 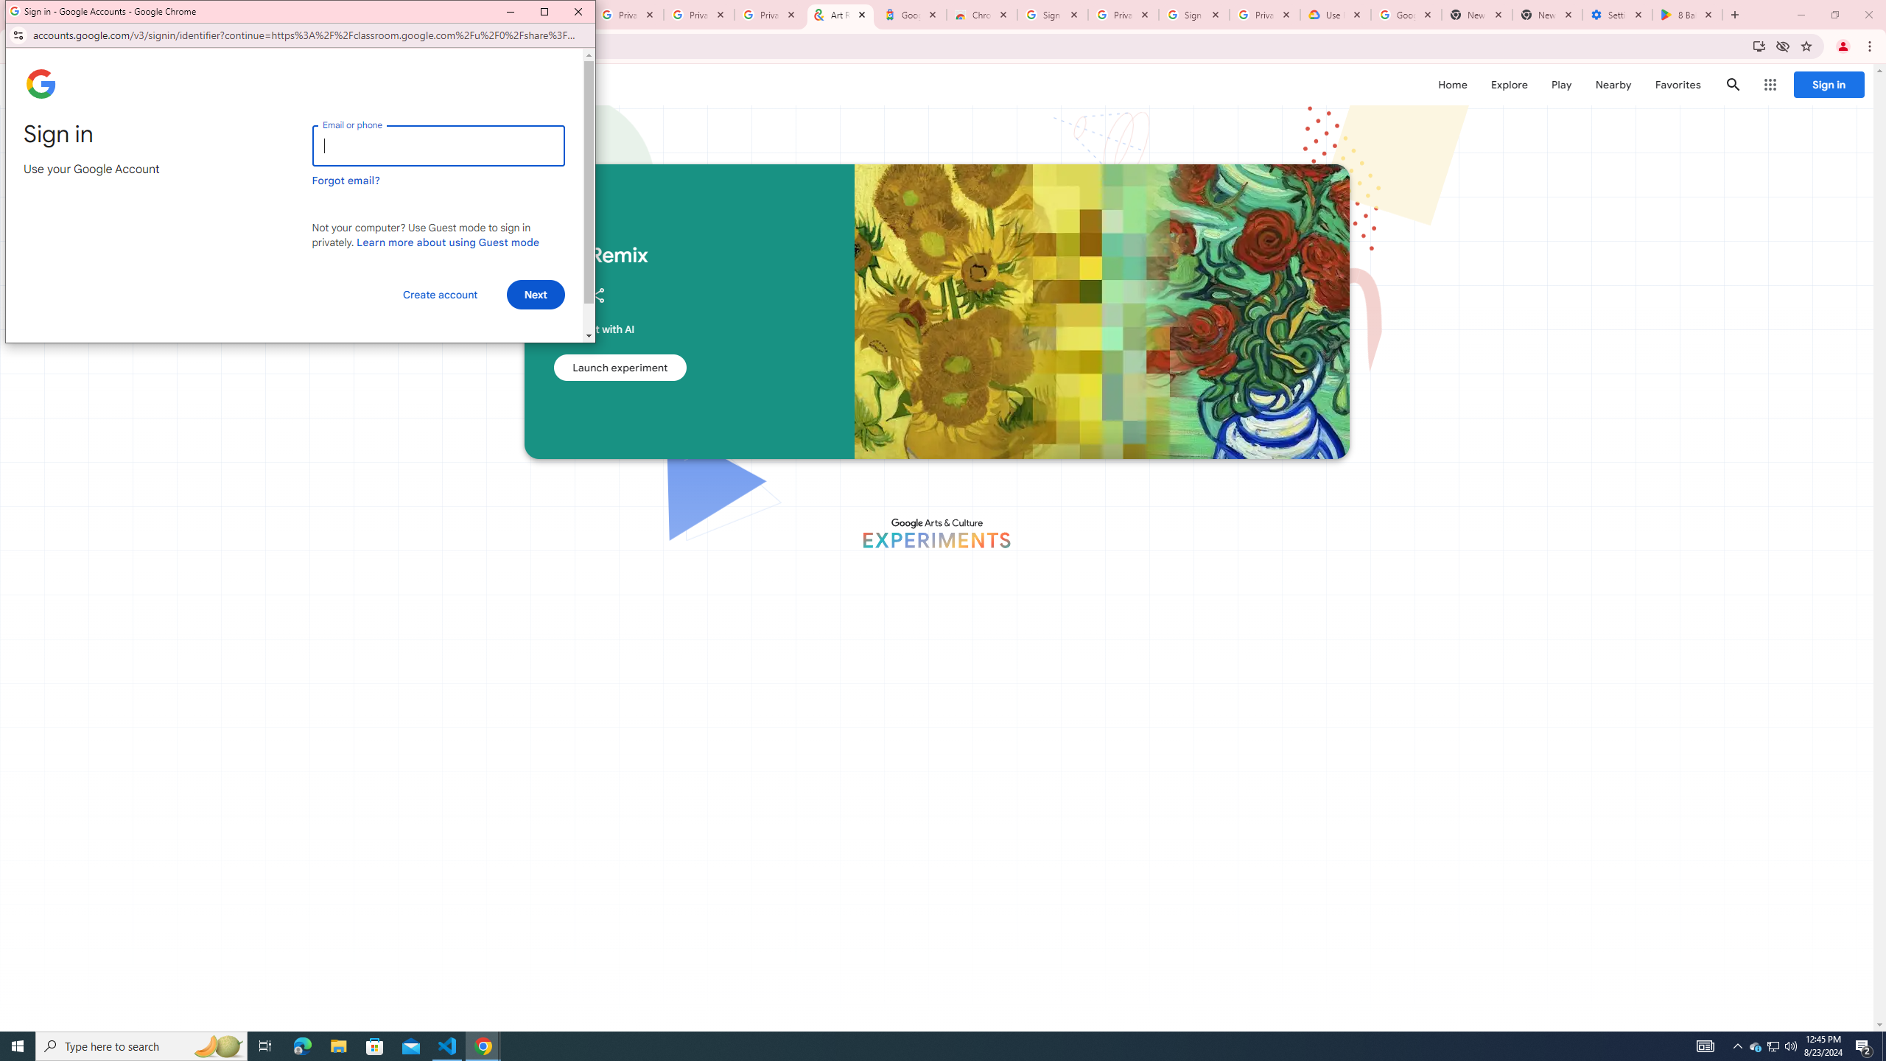 What do you see at coordinates (447, 242) in the screenshot?
I see `'Learn more about using Guest mode'` at bounding box center [447, 242].